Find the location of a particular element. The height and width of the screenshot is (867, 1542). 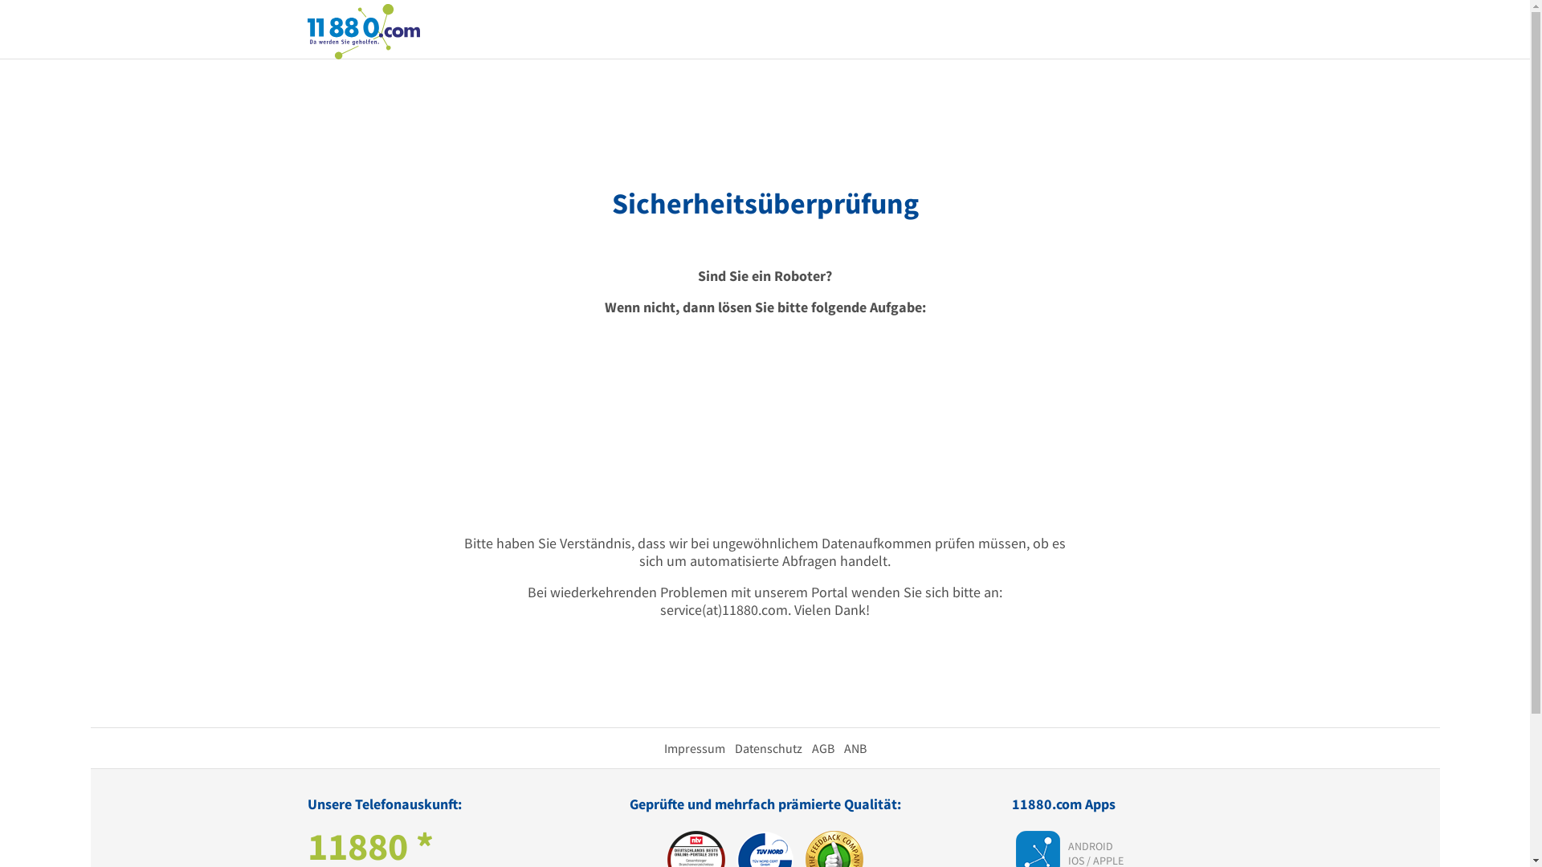

'Datenschutz' is located at coordinates (732, 748).